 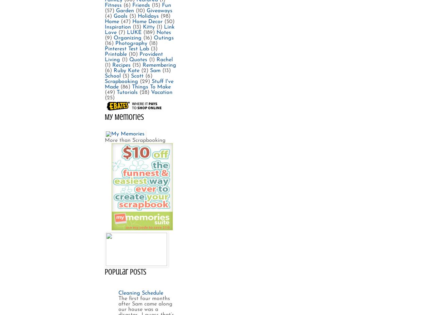 What do you see at coordinates (104, 21) in the screenshot?
I see `'Home'` at bounding box center [104, 21].